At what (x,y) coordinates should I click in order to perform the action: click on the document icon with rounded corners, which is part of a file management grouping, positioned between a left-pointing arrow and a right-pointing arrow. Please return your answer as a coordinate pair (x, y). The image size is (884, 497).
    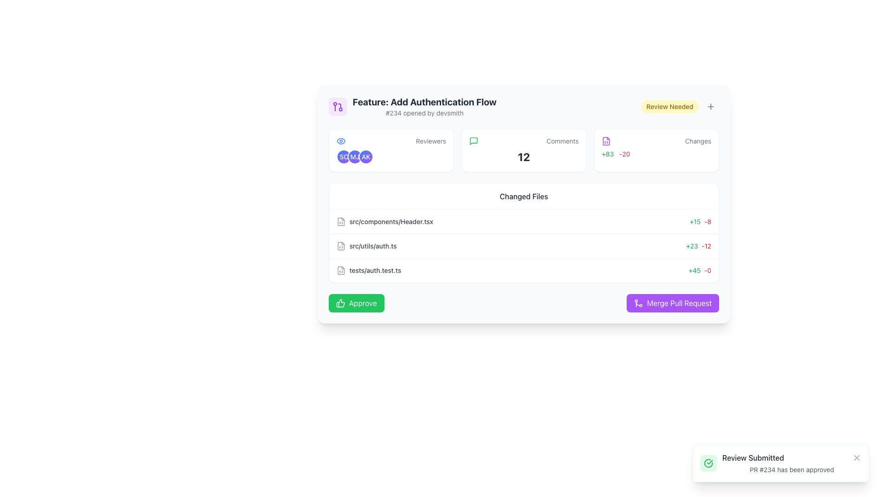
    Looking at the image, I should click on (340, 222).